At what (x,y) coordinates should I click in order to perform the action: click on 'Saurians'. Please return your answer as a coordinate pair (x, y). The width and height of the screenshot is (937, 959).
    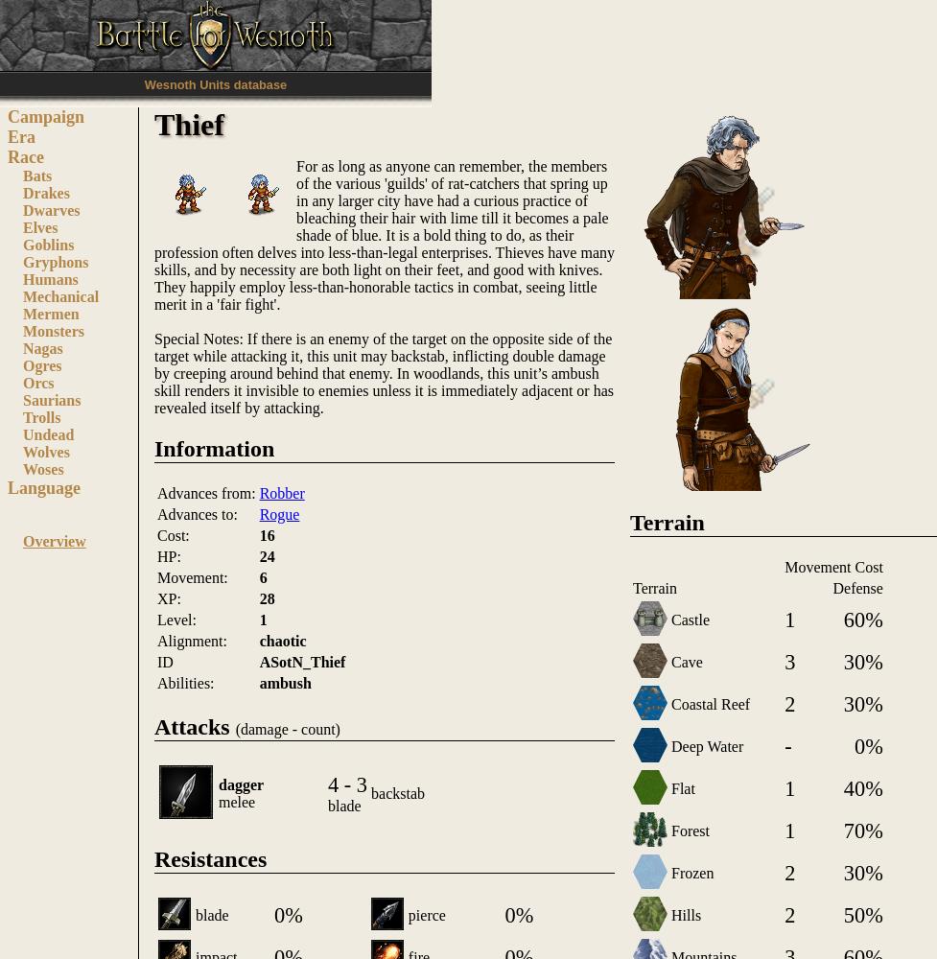
    Looking at the image, I should click on (52, 400).